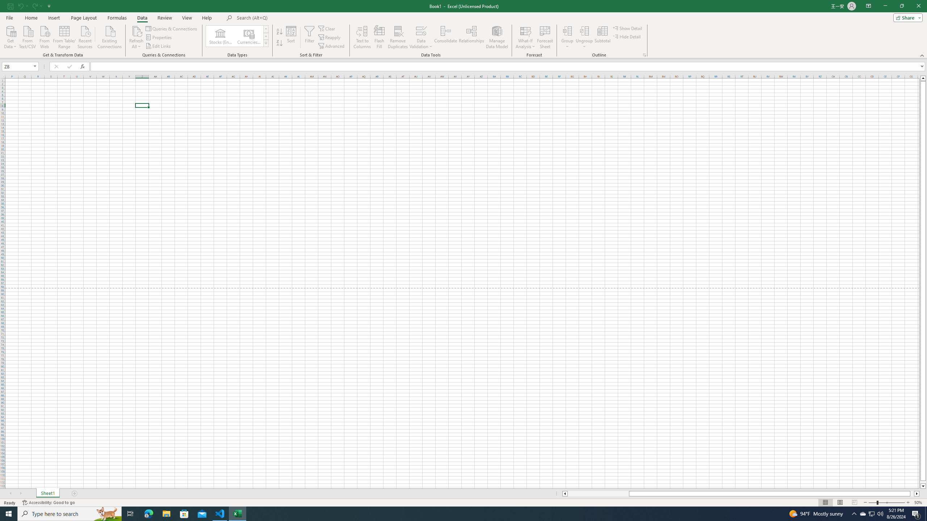 The width and height of the screenshot is (927, 521). I want to click on 'Forecast Sheet', so click(545, 37).